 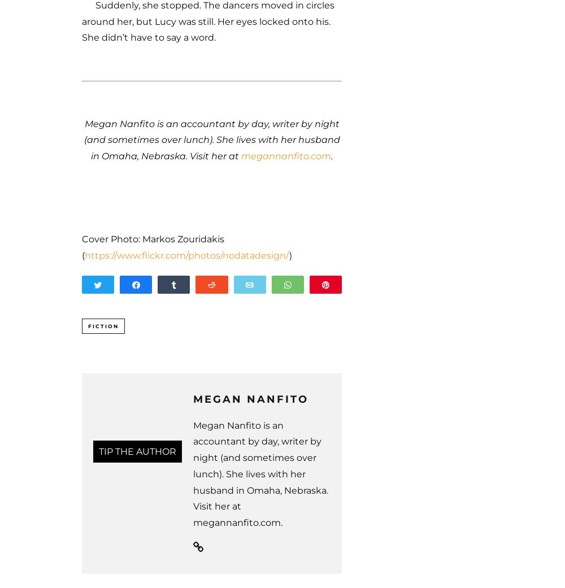 I want to click on 'Fiction', so click(x=103, y=326).